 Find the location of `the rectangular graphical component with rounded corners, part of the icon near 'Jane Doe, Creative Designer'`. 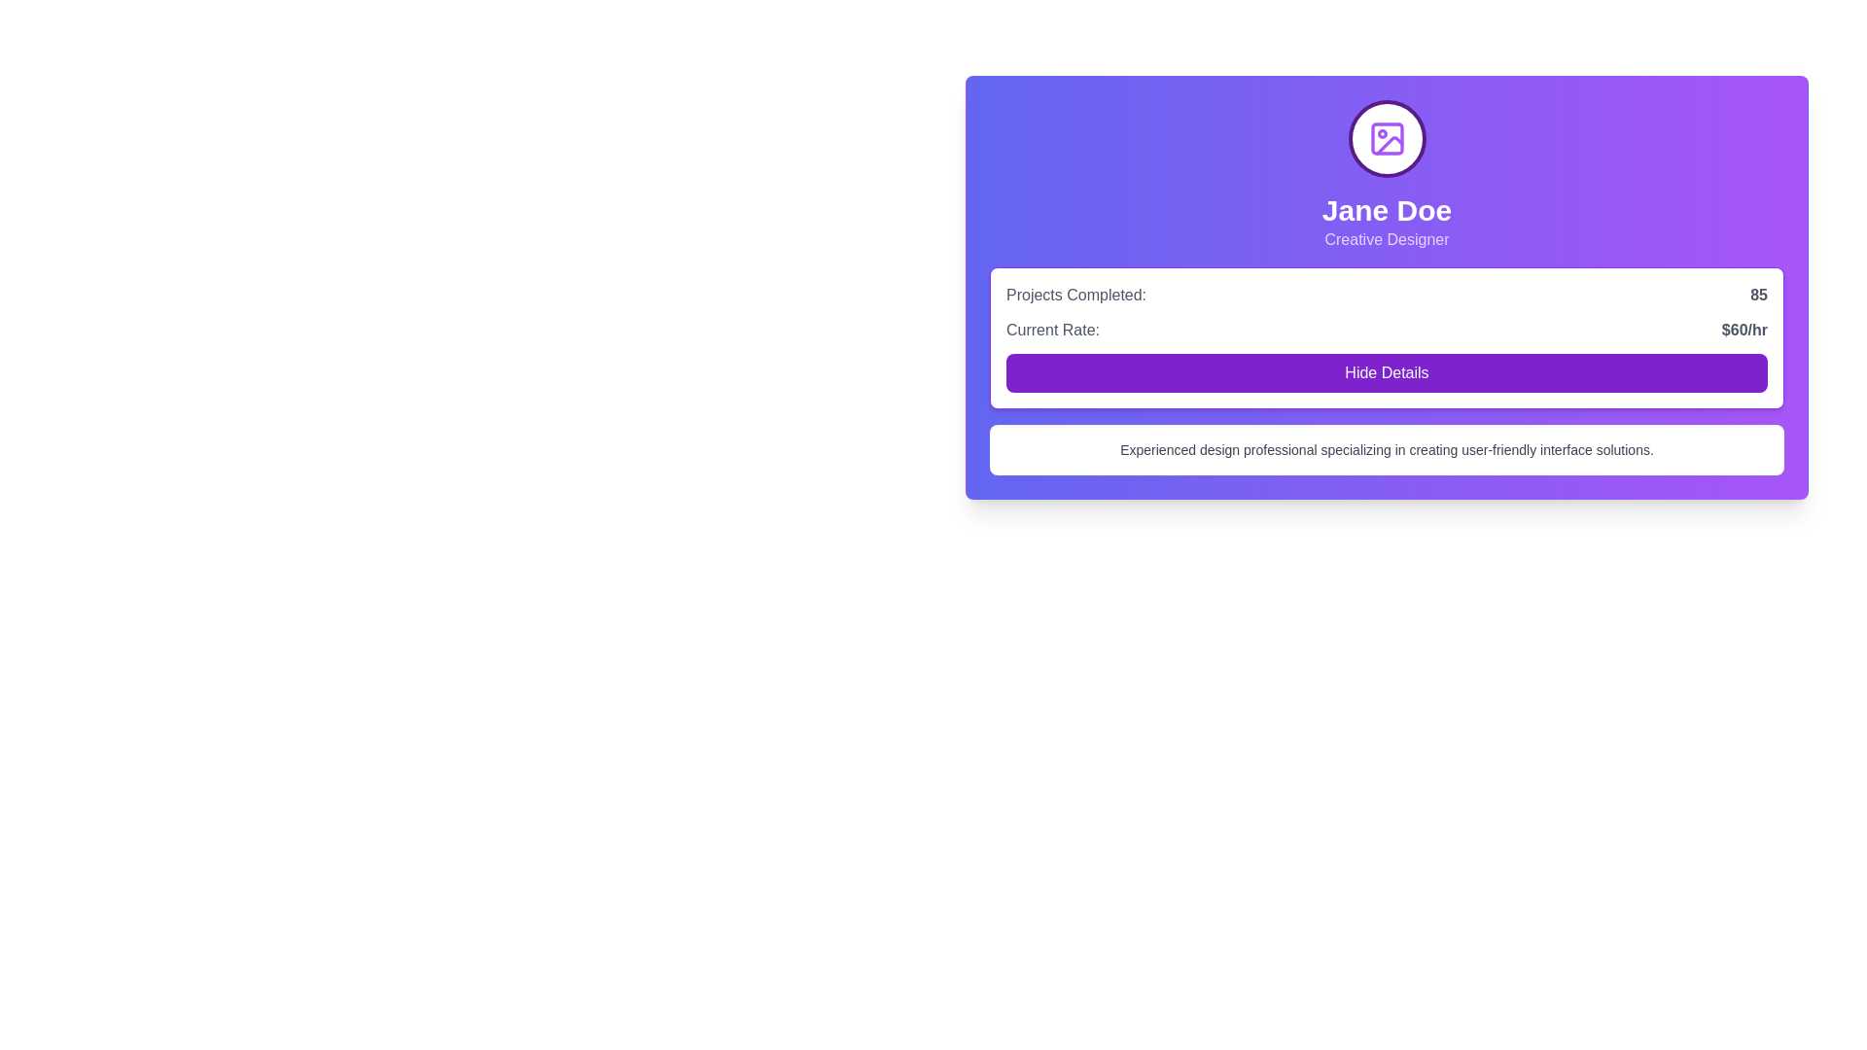

the rectangular graphical component with rounded corners, part of the icon near 'Jane Doe, Creative Designer' is located at coordinates (1386, 137).